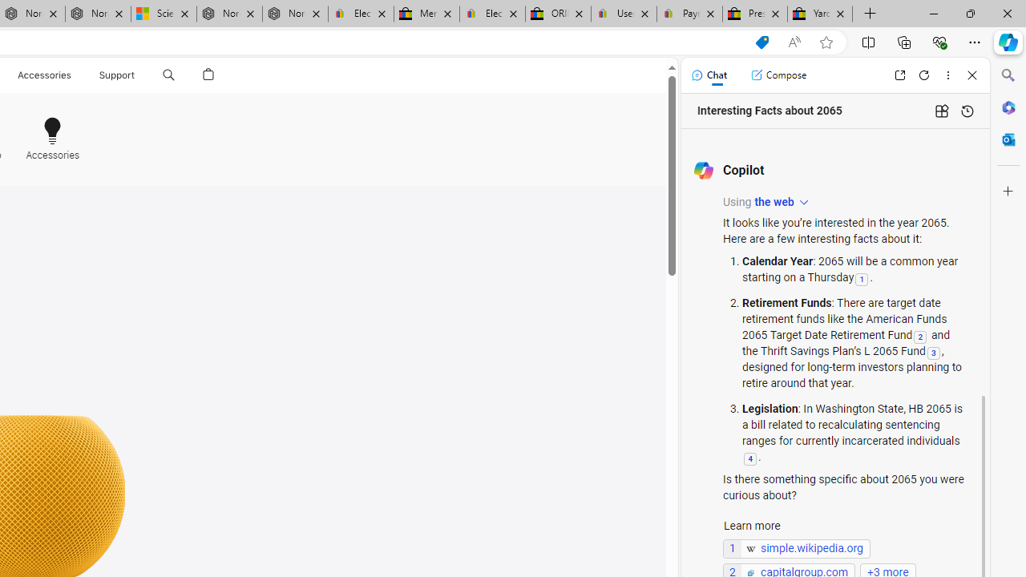 The height and width of the screenshot is (577, 1026). What do you see at coordinates (899, 75) in the screenshot?
I see `'Open link in new tab'` at bounding box center [899, 75].